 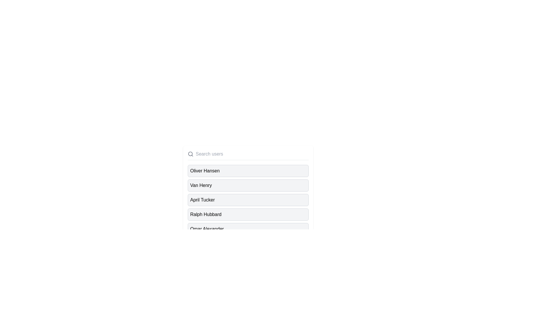 I want to click on the text label representing the user 'Oliver Hansen', so click(x=205, y=170).